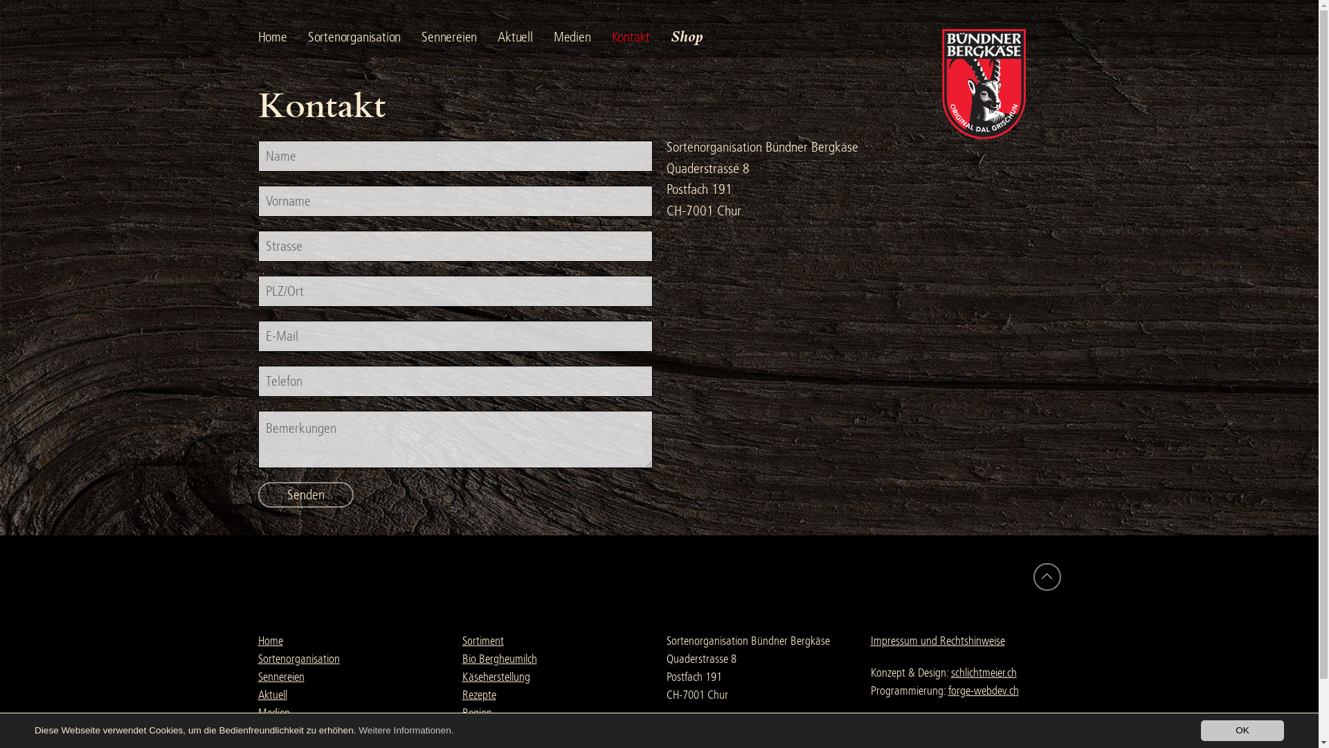  Describe the element at coordinates (482, 641) in the screenshot. I see `'Sortiment'` at that location.